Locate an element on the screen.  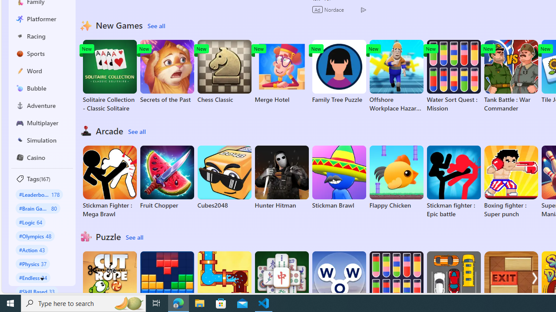
'Family Tree Puzzle' is located at coordinates (338, 71).